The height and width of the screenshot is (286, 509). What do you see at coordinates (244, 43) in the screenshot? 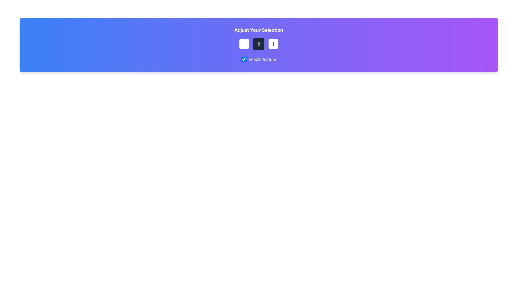
I see `the Button with a Minus icon located within a white circular button` at bounding box center [244, 43].